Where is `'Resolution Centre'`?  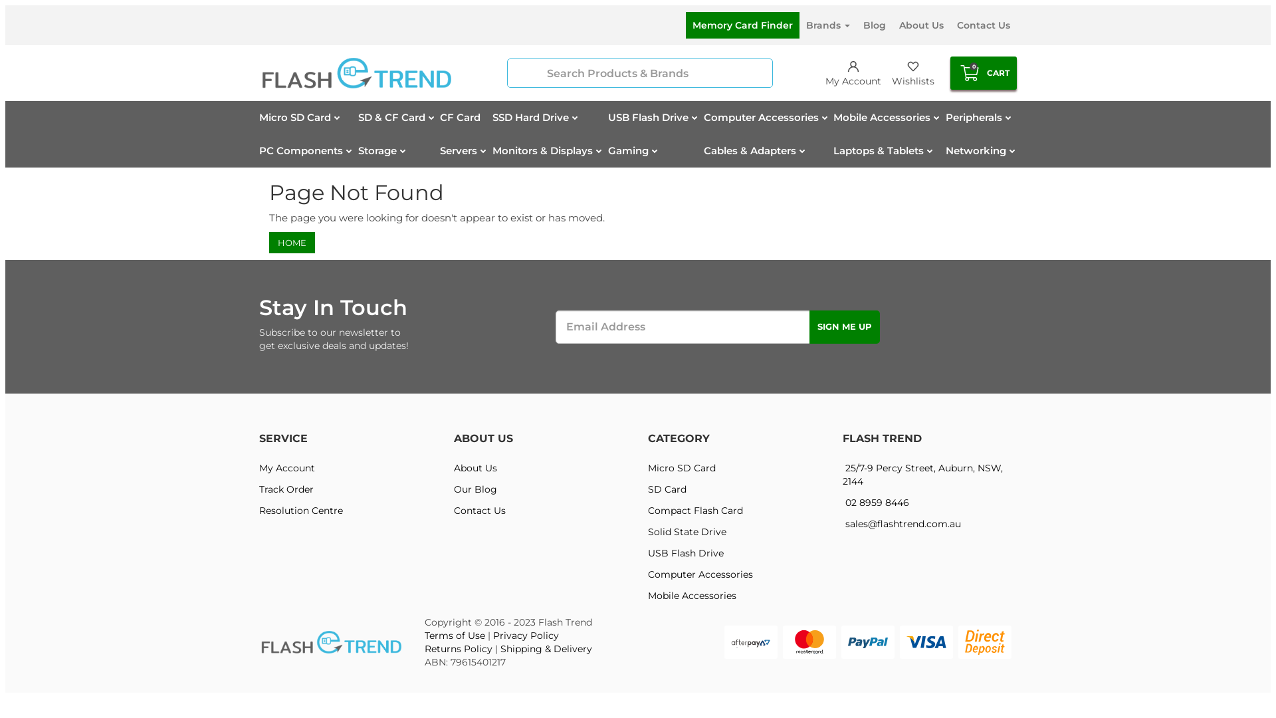 'Resolution Centre' is located at coordinates (346, 509).